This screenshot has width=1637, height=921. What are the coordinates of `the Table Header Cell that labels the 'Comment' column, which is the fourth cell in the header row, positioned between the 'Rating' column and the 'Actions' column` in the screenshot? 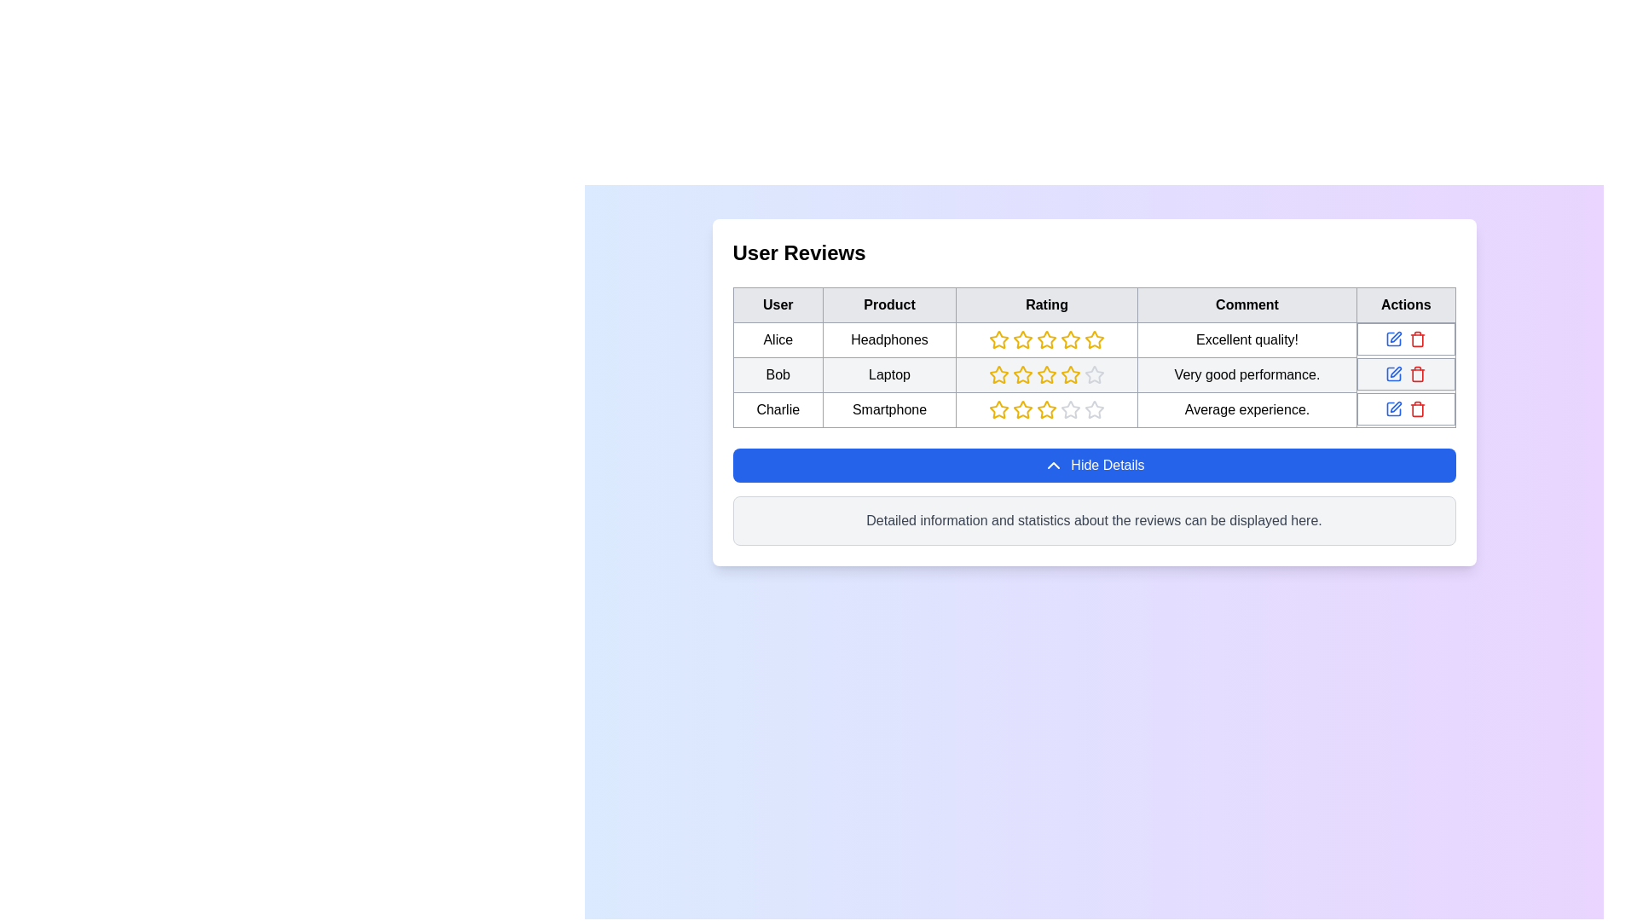 It's located at (1247, 304).